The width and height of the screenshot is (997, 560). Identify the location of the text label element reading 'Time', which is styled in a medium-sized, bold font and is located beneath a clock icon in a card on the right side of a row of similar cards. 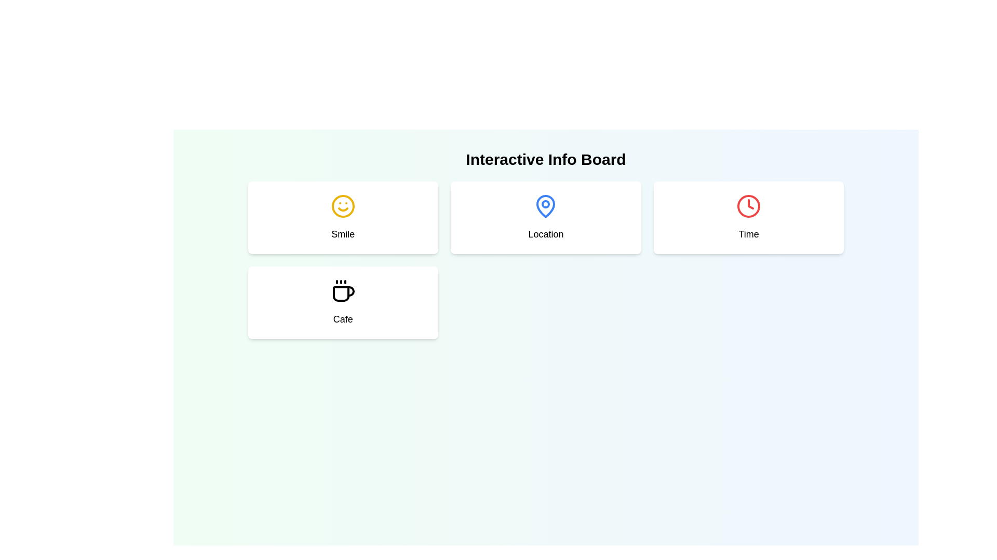
(749, 234).